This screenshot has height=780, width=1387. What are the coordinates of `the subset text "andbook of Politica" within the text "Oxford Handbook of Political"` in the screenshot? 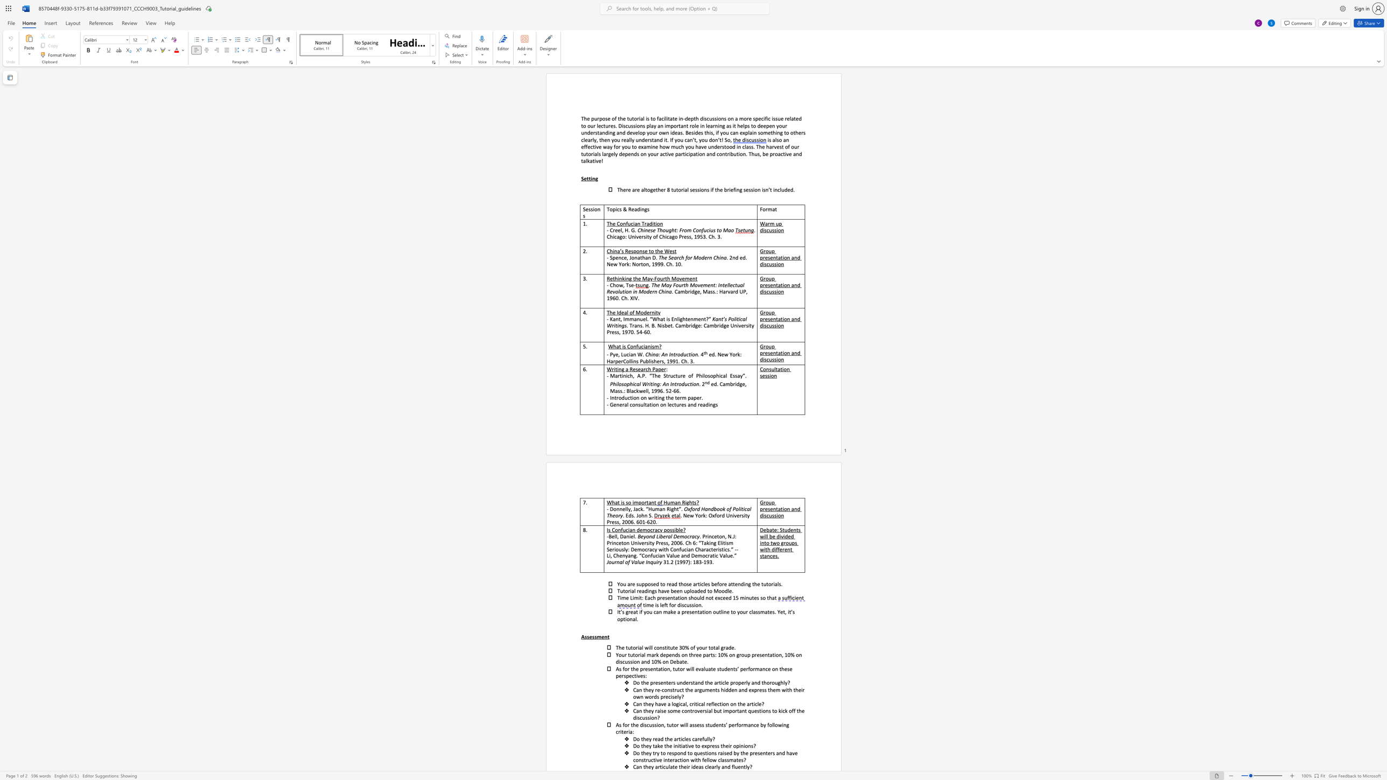 It's located at (704, 509).